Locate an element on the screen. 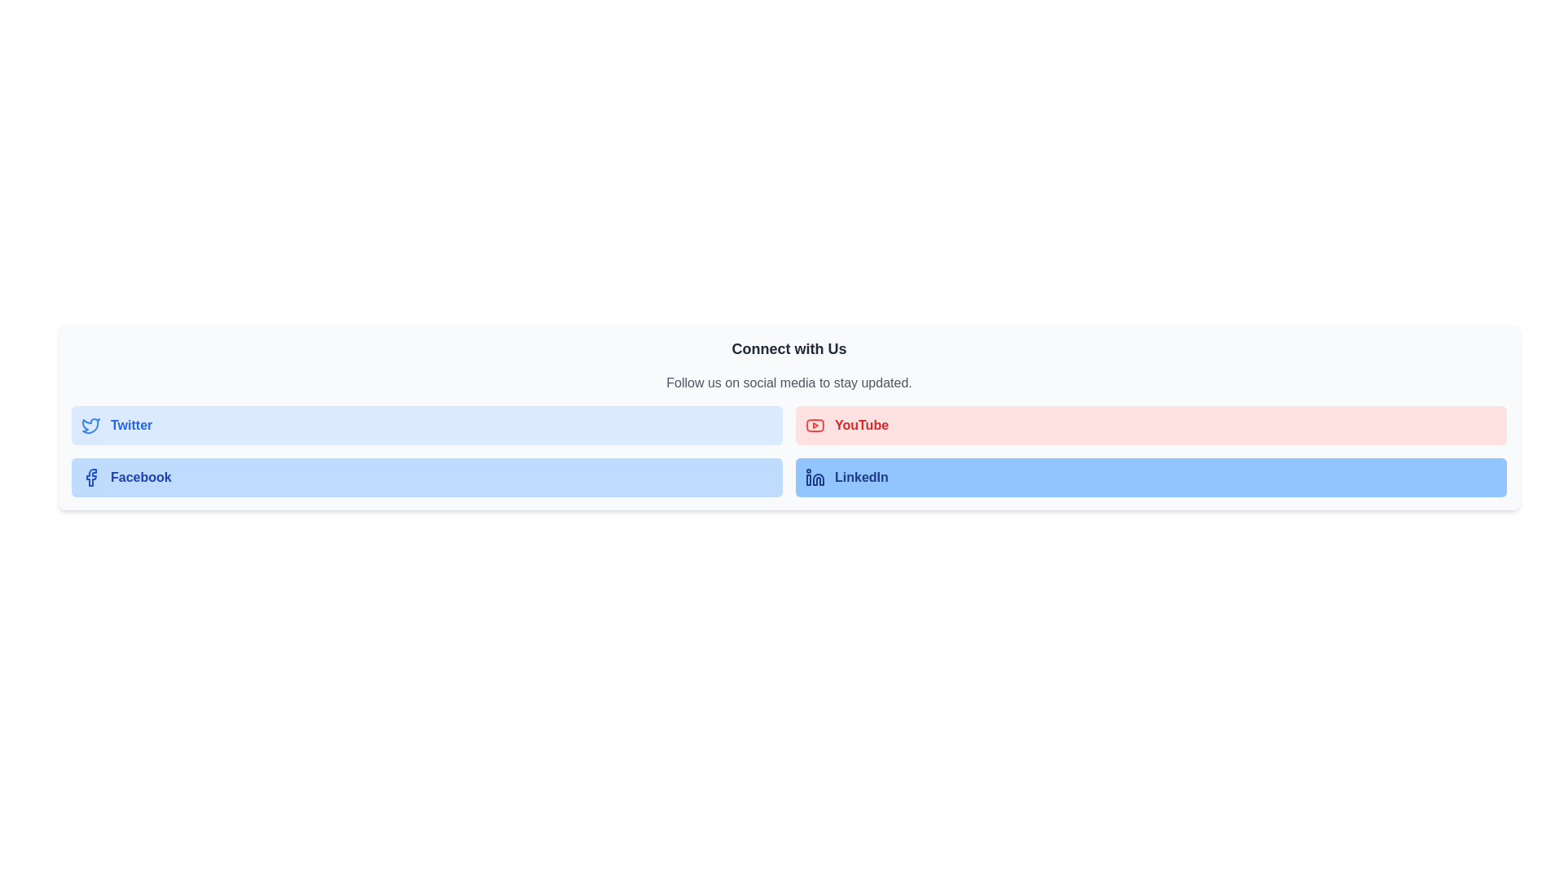 The image size is (1564, 879). the Twitter icon, which is part of a button leading to the Twitter page, situated on the left side of the 'Twitter' button in the 'Connect with Us' section is located at coordinates (90, 425).